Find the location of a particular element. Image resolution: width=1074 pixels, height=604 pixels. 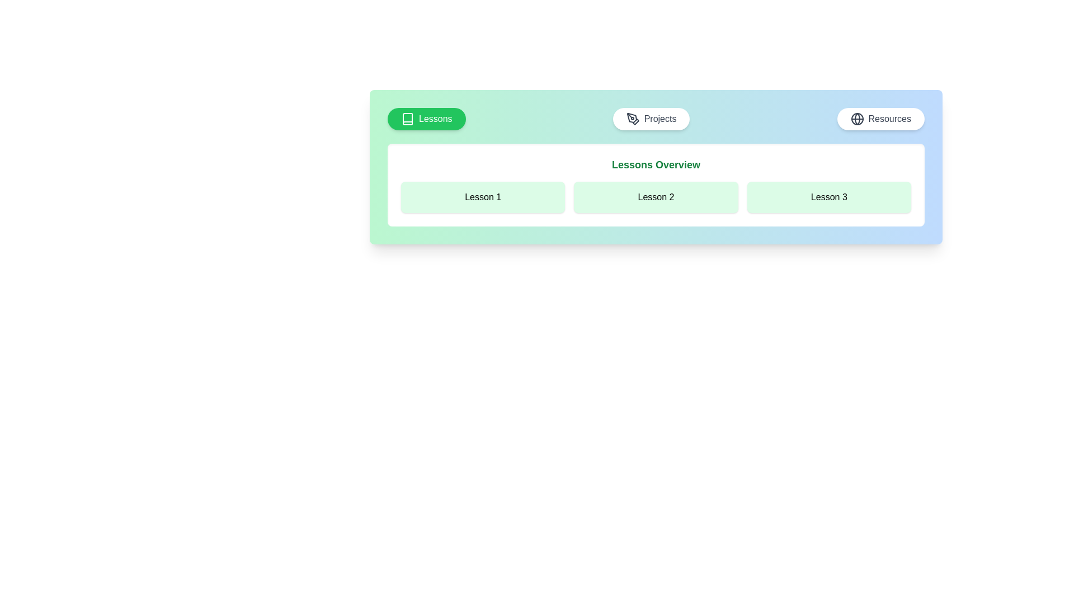

the button representing the third lesson in the series is located at coordinates (829, 197).